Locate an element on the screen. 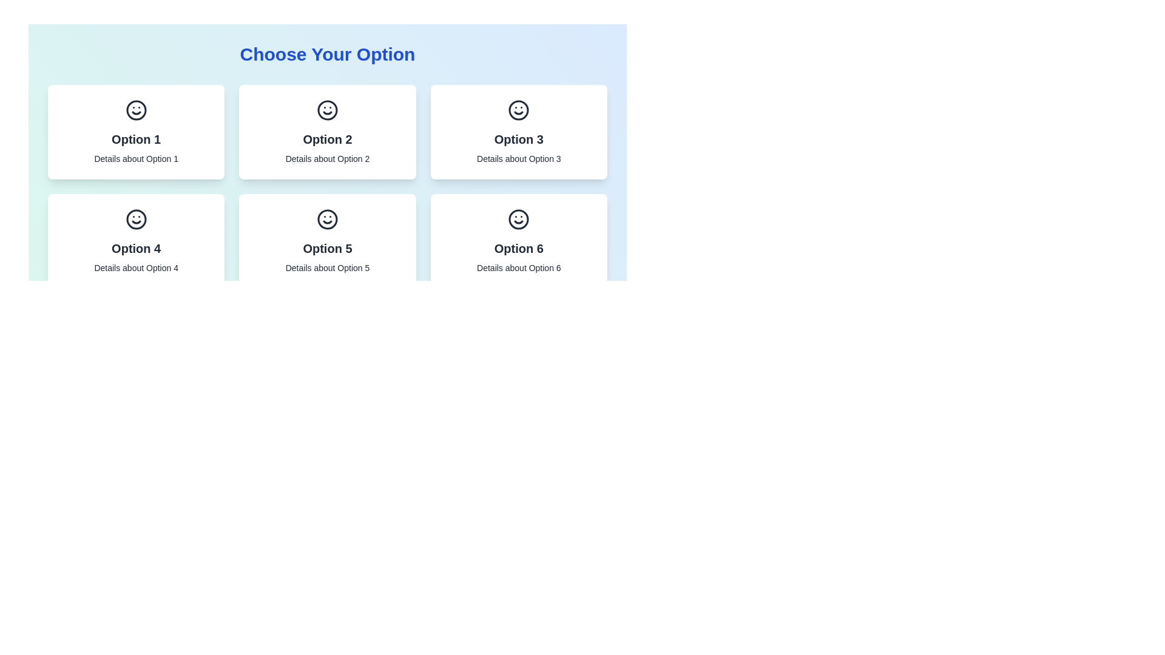 The height and width of the screenshot is (655, 1165). the decorative Graphical Circle element within the smiley face icon located in the bottom-right card labeled 'Option 6' is located at coordinates (519, 220).